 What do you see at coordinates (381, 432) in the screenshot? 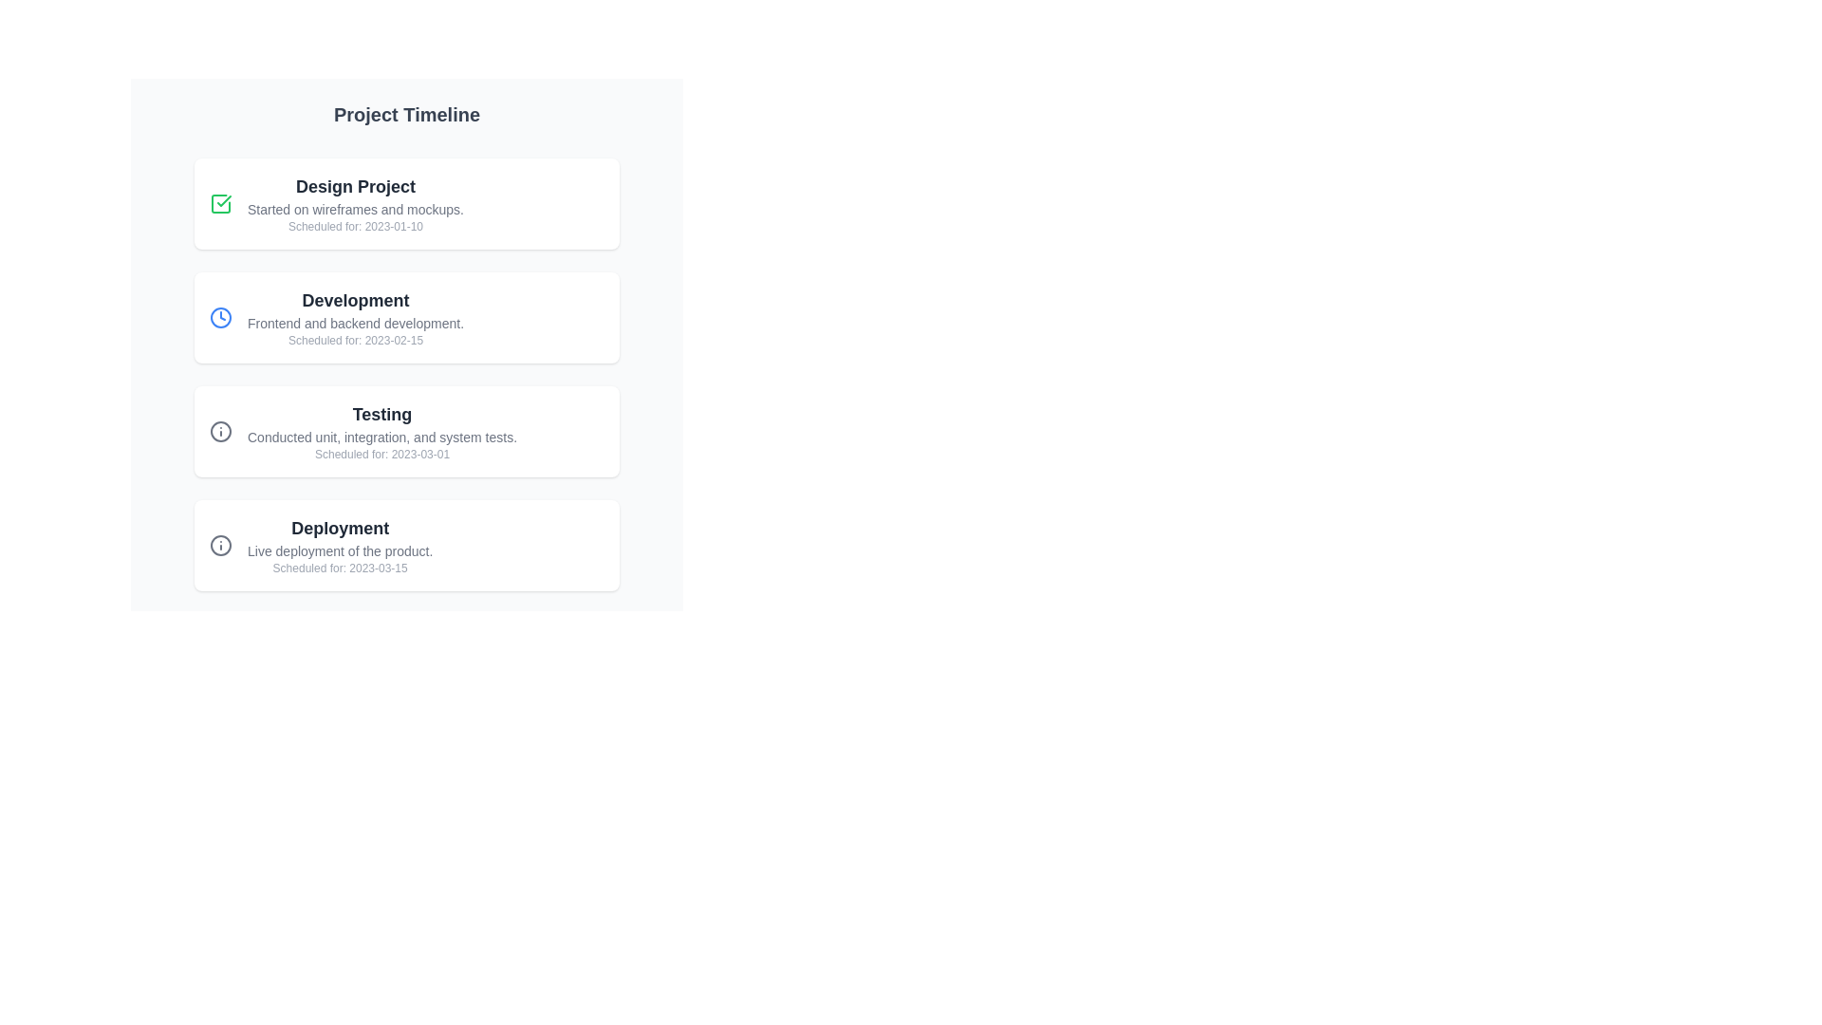
I see `information displayed in the Text block that describes the 'Testing' phase in the project timeline, which is the third item in a vertical list between 'Development' and 'Deployment'` at bounding box center [381, 432].